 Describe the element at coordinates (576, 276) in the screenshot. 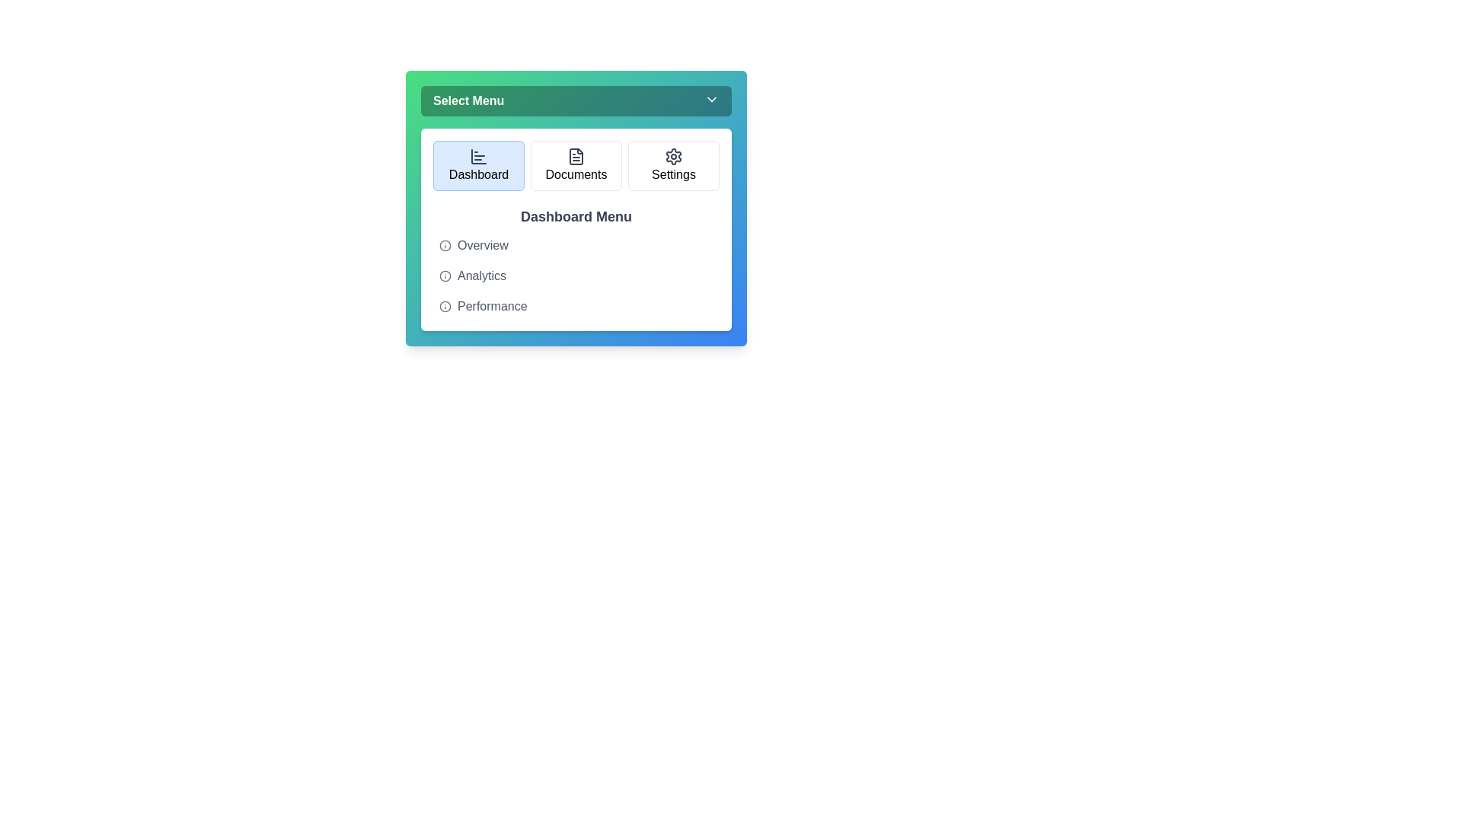

I see `the 'Analytics' menu item, which is the second item in the vertical menu` at that location.